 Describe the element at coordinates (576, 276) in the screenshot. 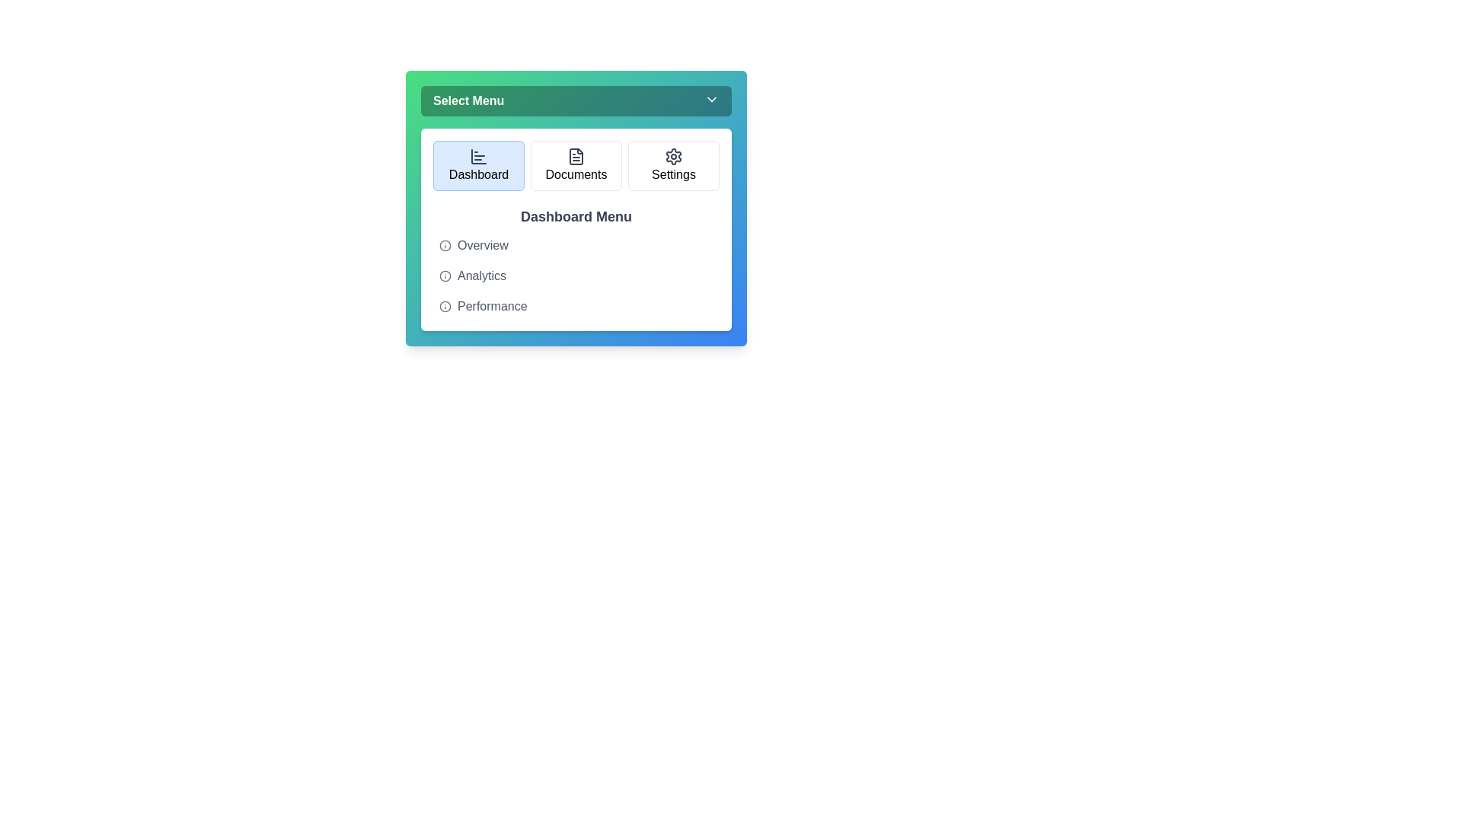

I see `the 'Analytics' menu item, which is the second item in the vertical menu` at that location.